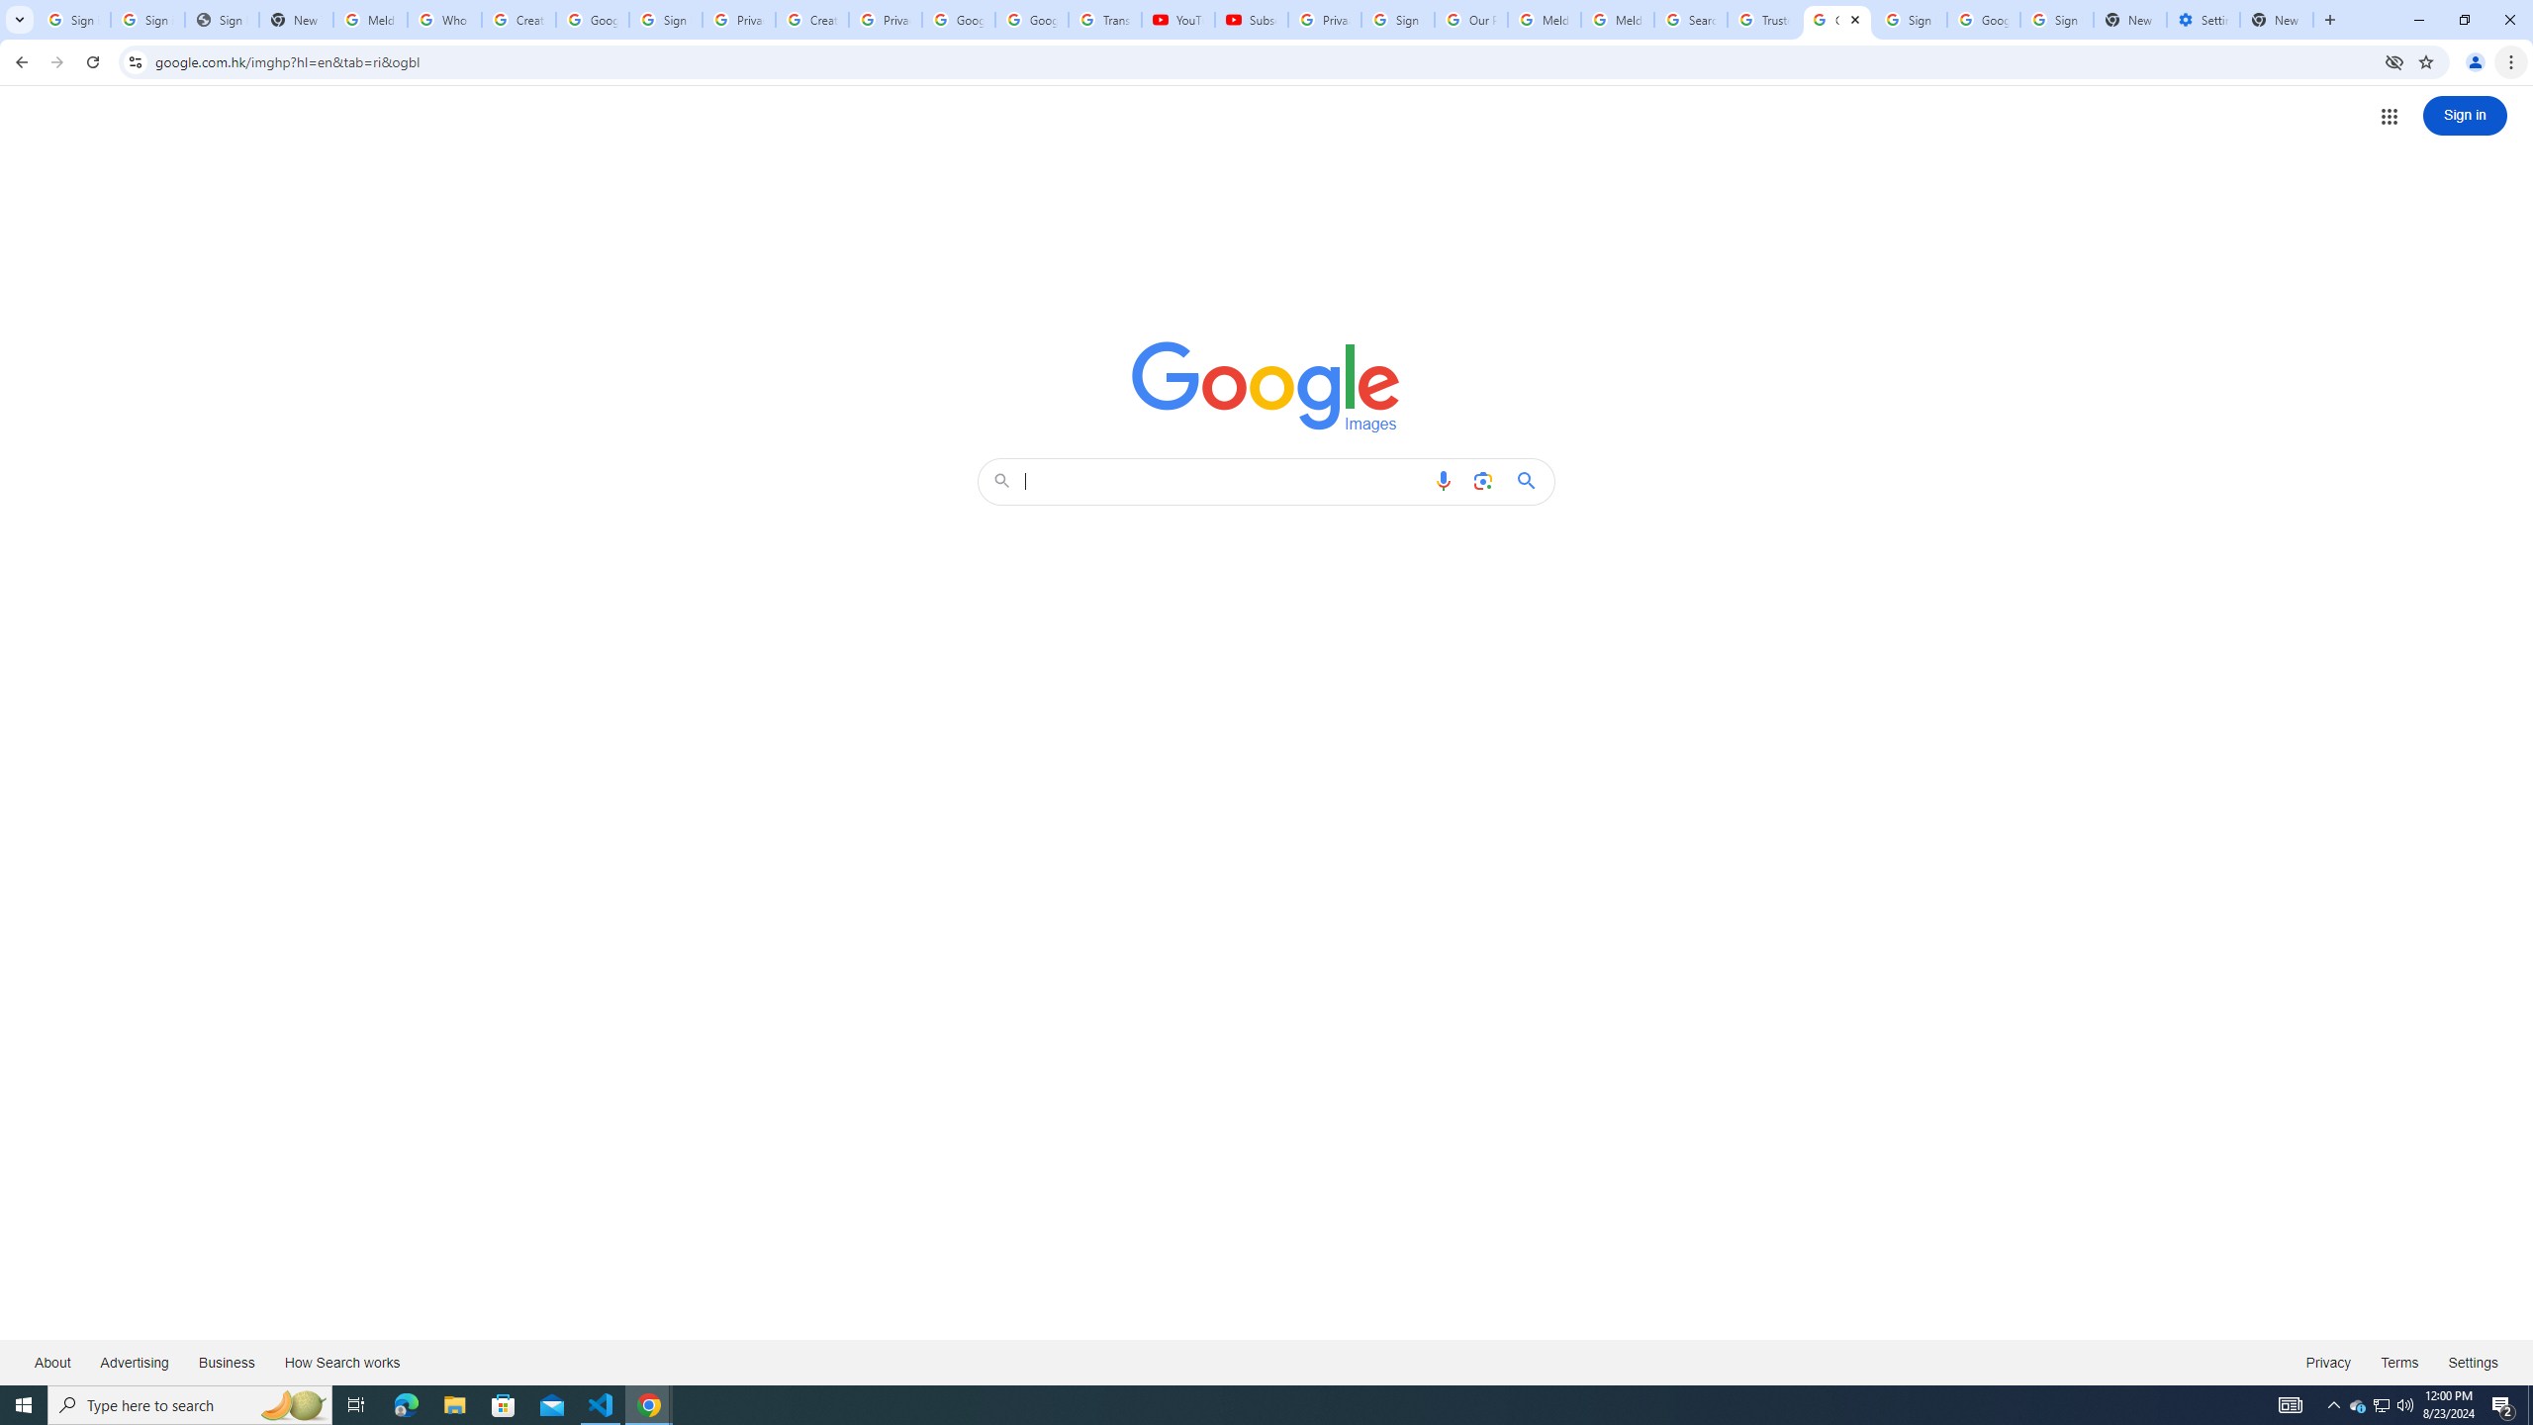  I want to click on 'Settings - Addresses and more', so click(2203, 19).